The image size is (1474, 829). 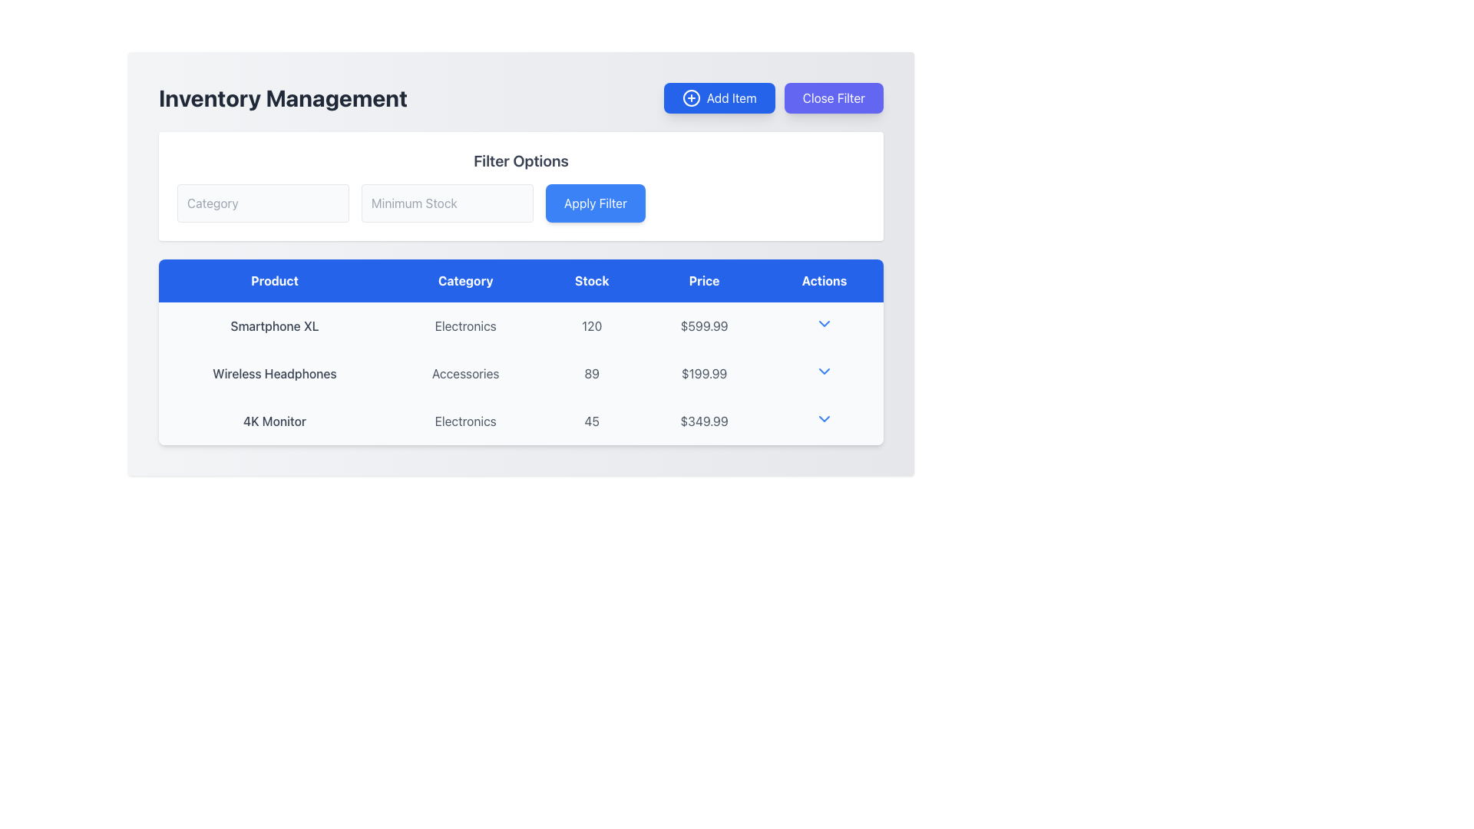 What do you see at coordinates (824, 373) in the screenshot?
I see `the dropdown toggle icon in the 'Actions' column for the 'Wireless Headphones' row` at bounding box center [824, 373].